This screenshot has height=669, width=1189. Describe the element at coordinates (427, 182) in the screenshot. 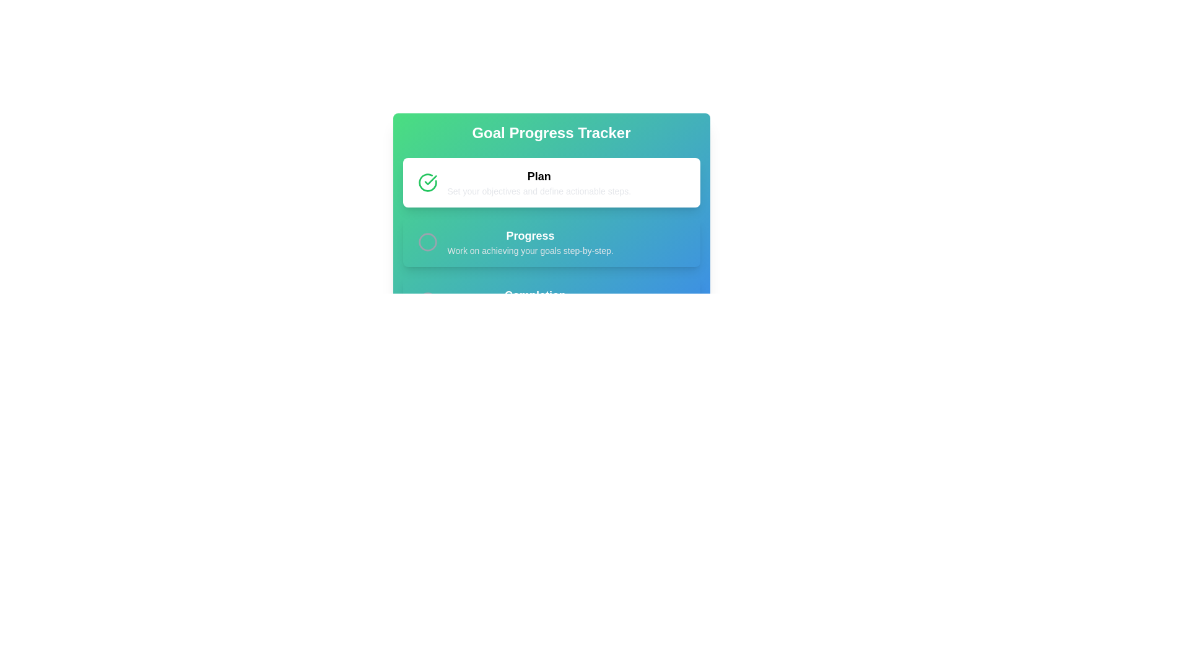

I see `the decorative vector graphic element that indicates the status of the 'Plan' section in the goal tracker interface, which is a checkmark inside a circle located to the left of 'Plan'` at that location.